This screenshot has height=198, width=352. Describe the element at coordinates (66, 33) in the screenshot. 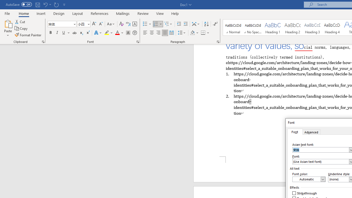

I see `'Underline'` at that location.